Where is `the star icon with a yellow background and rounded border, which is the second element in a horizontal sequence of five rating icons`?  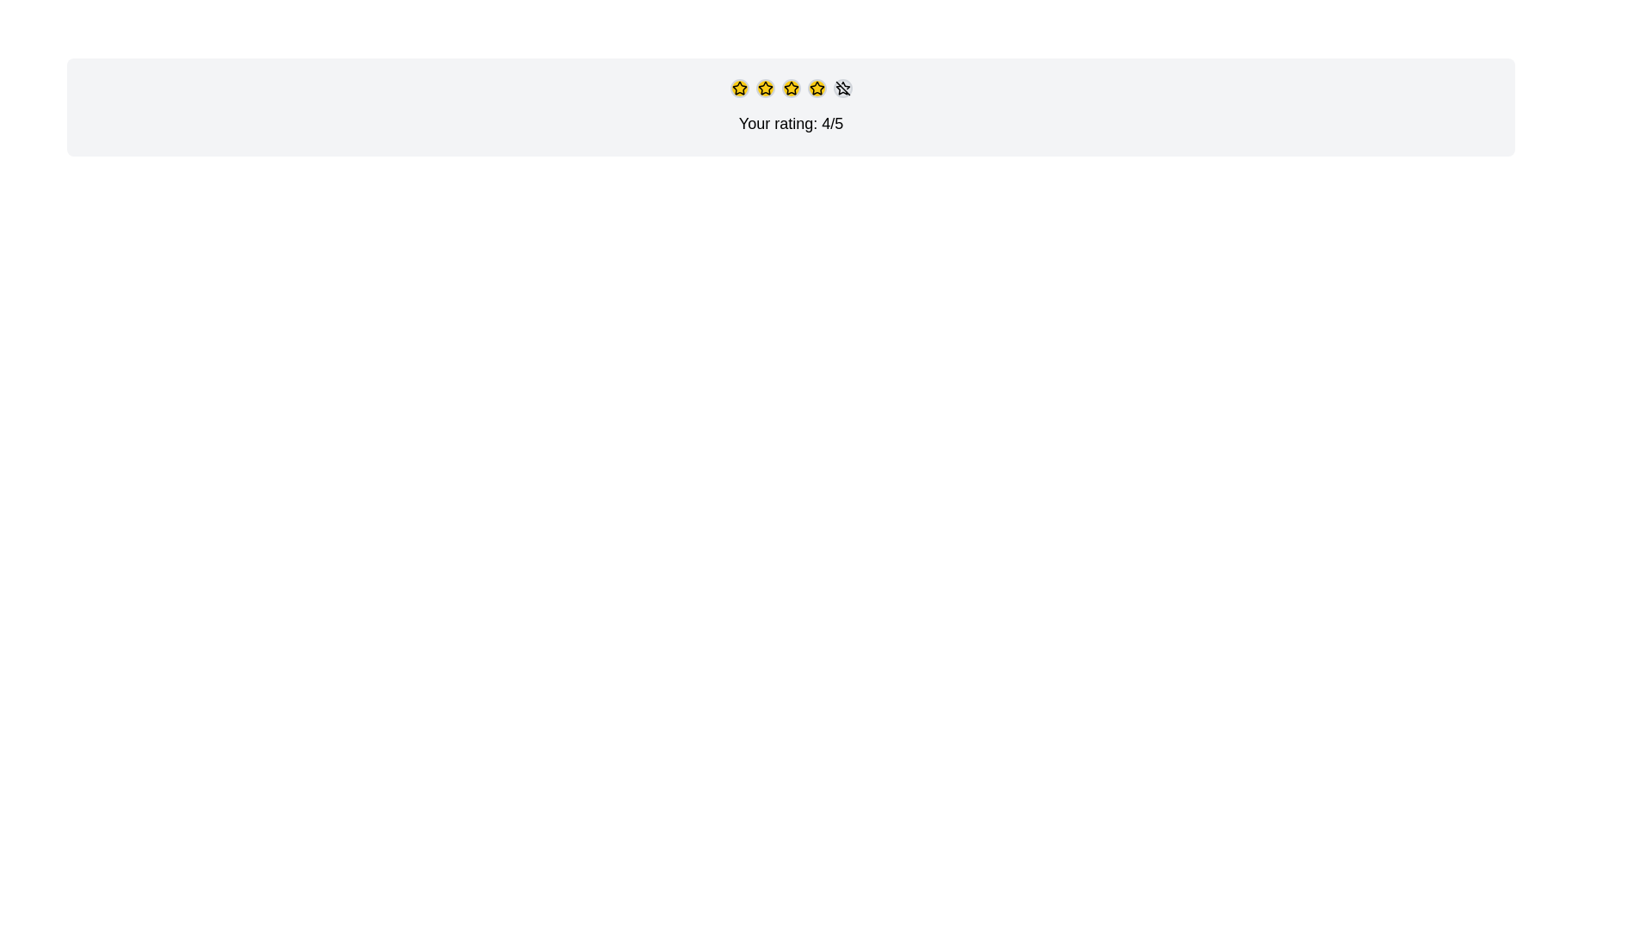
the star icon with a yellow background and rounded border, which is the second element in a horizontal sequence of five rating icons is located at coordinates (764, 89).